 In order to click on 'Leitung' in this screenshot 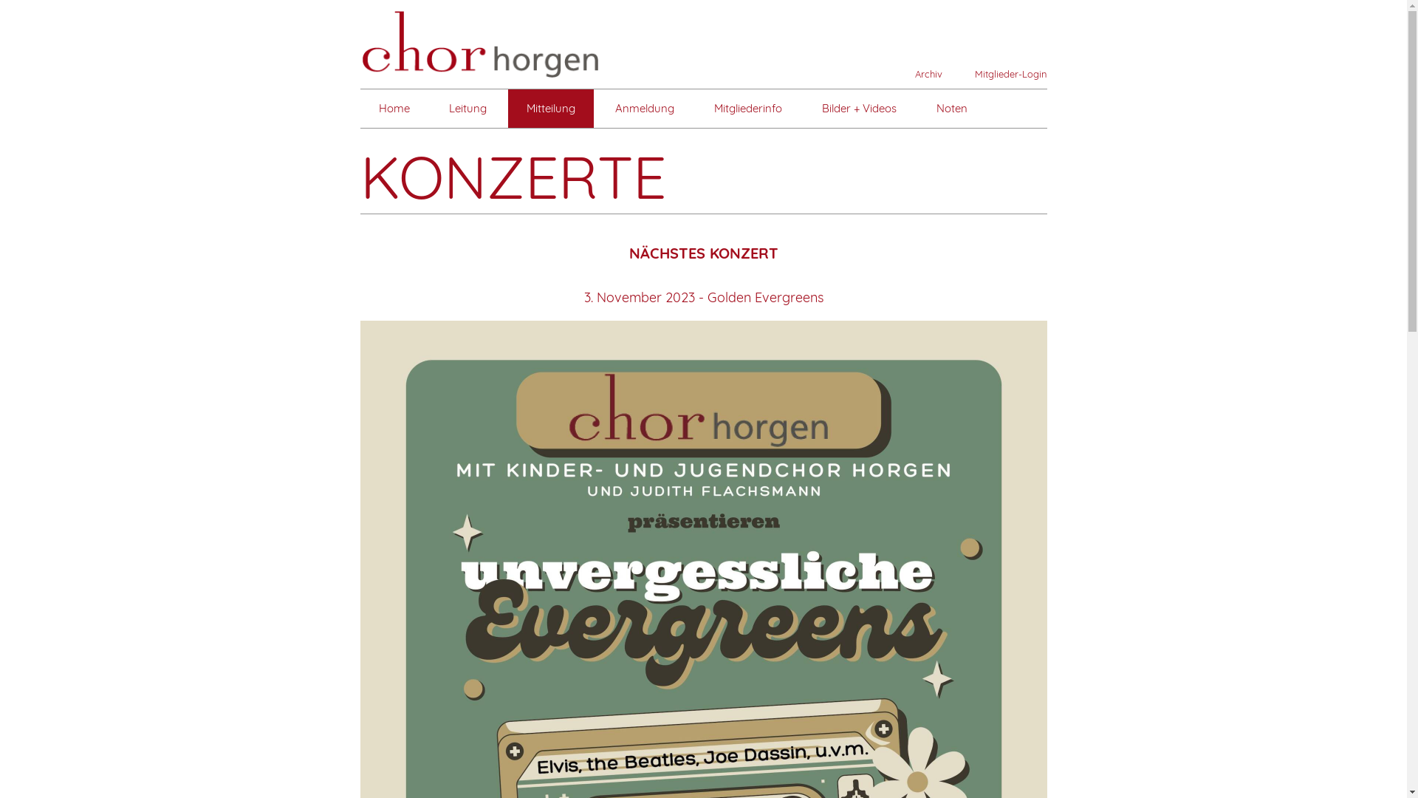, I will do `click(467, 107)`.